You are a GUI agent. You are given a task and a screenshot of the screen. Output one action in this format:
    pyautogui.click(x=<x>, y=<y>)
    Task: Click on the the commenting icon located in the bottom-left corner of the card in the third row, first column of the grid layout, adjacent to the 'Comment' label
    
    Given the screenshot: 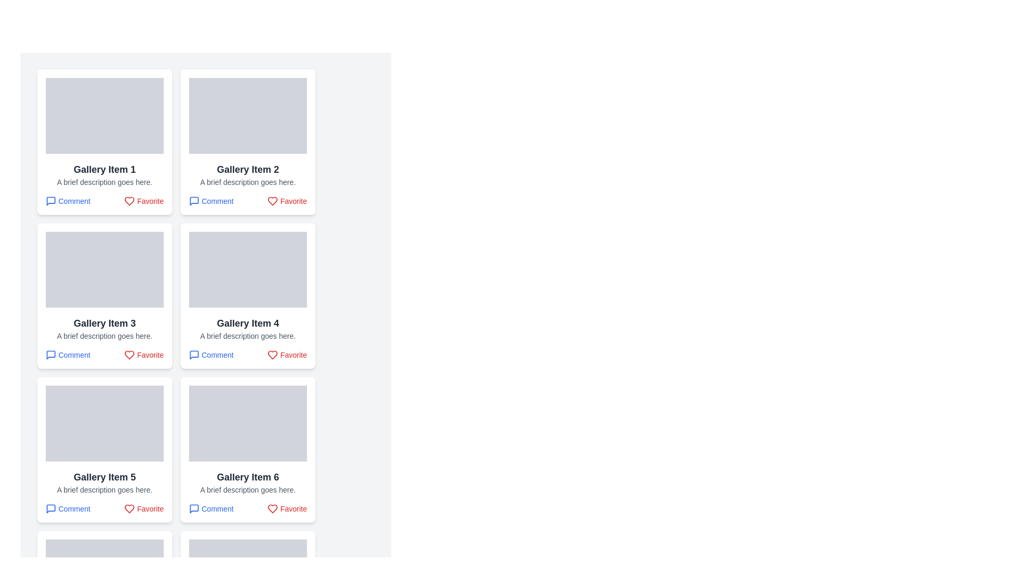 What is the action you would take?
    pyautogui.click(x=50, y=355)
    